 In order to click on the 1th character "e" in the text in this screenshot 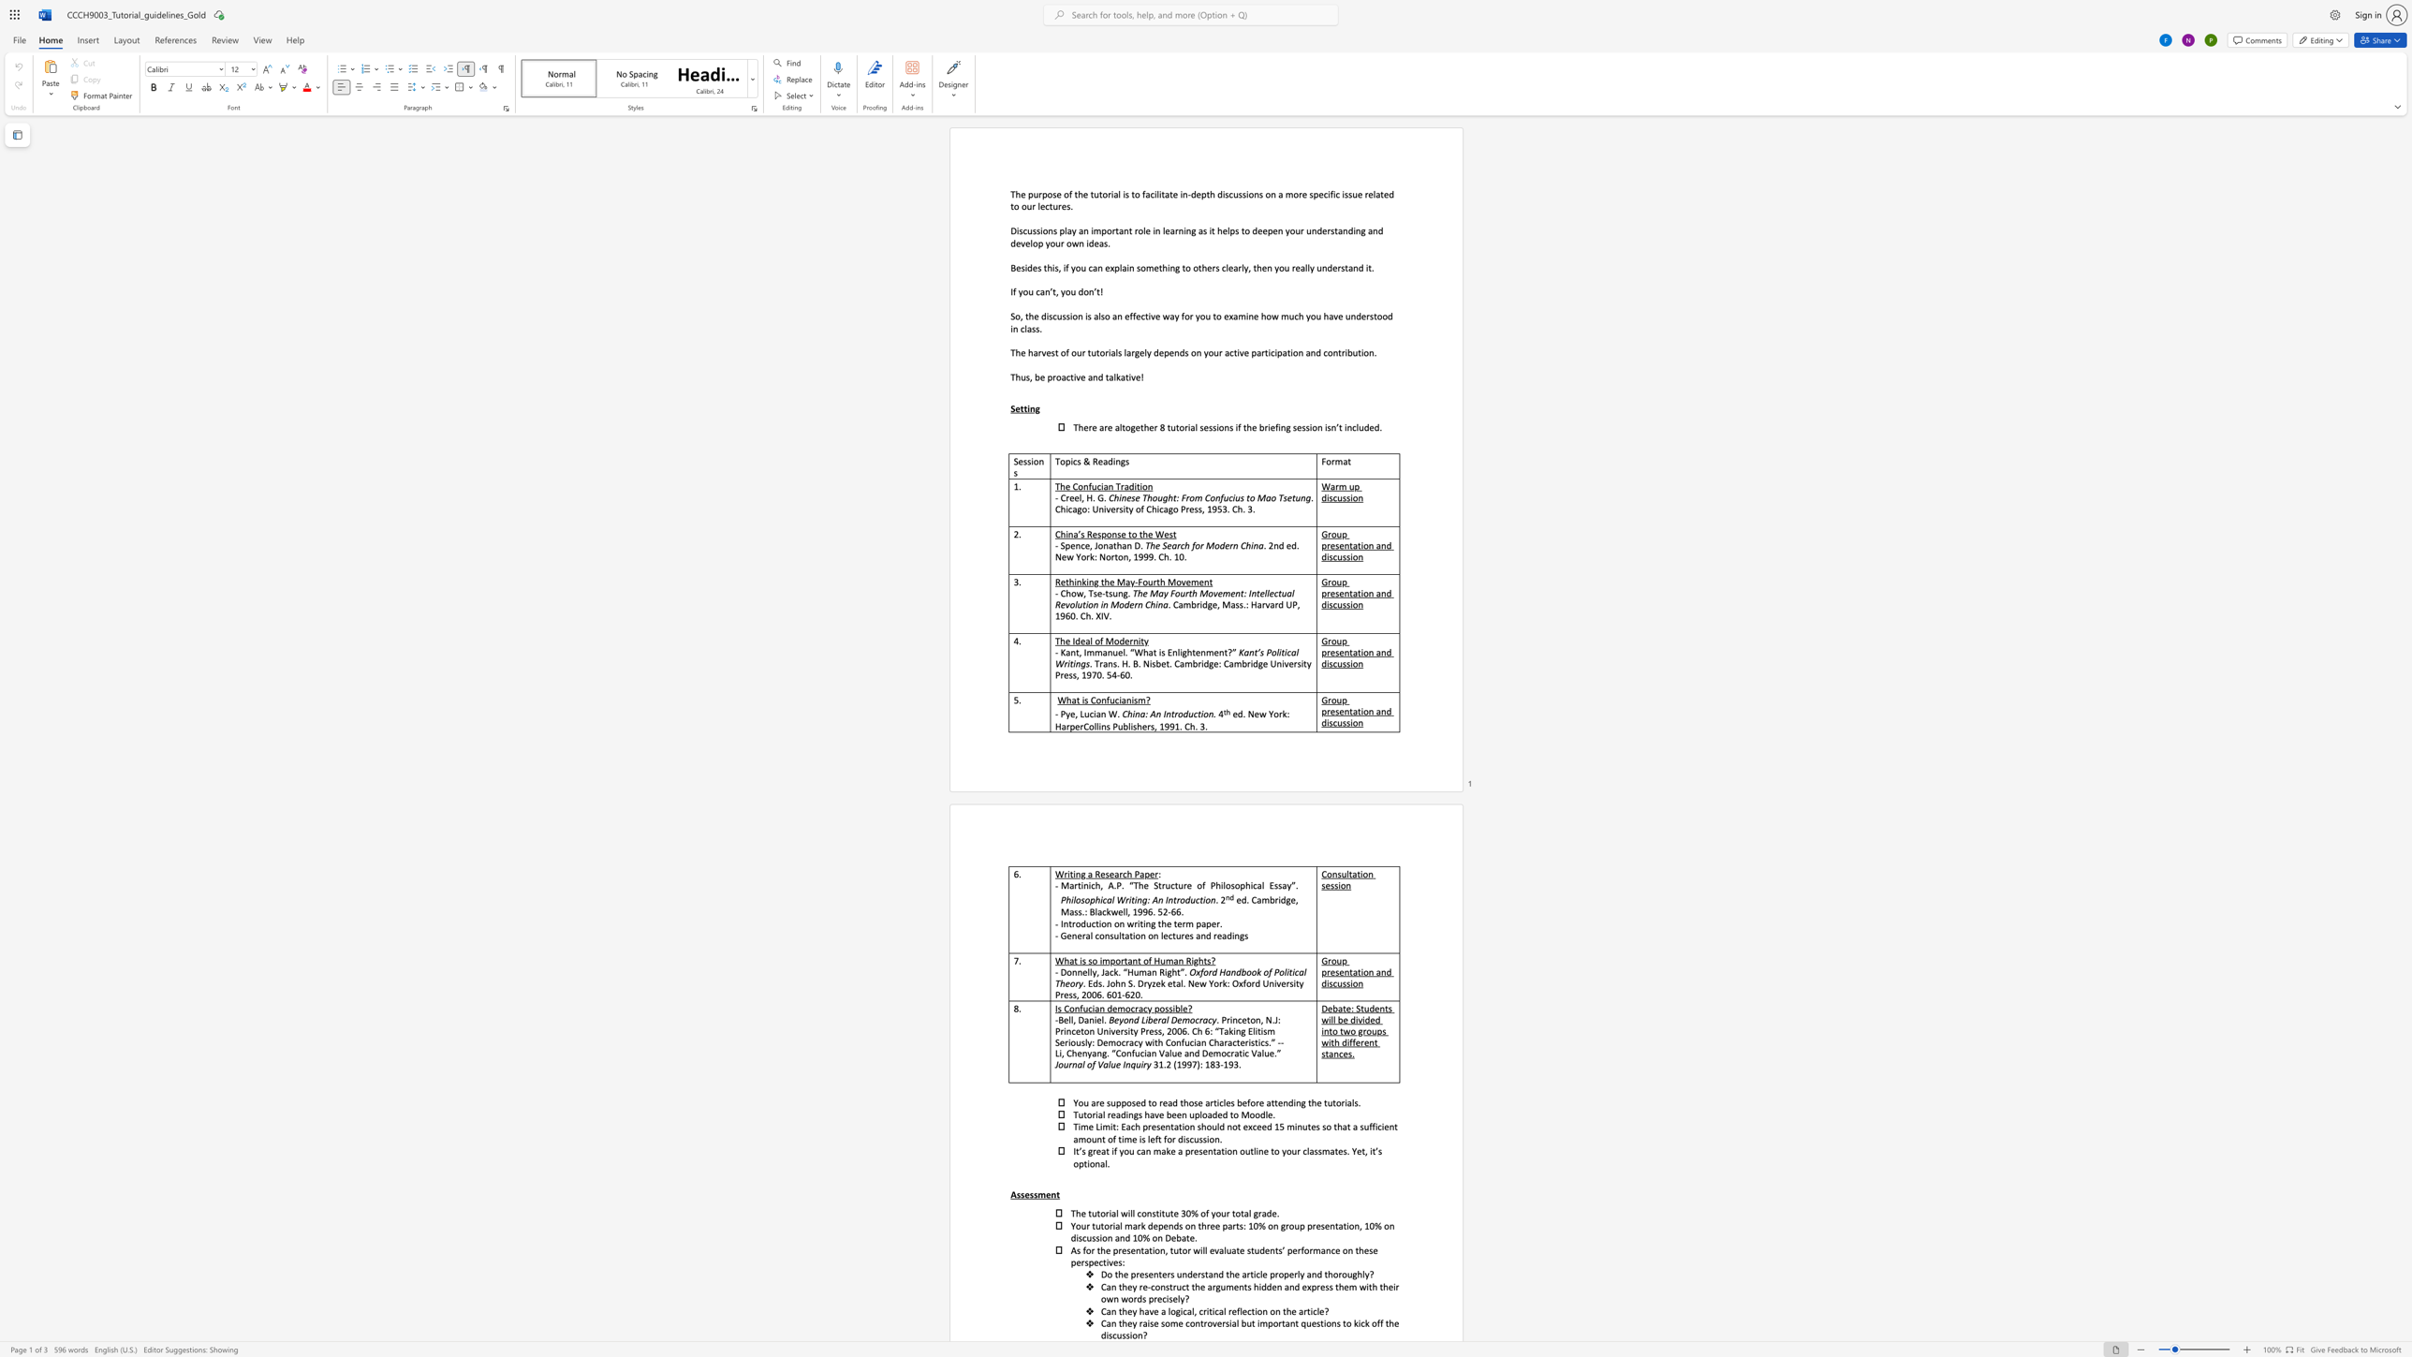, I will do `click(1022, 194)`.